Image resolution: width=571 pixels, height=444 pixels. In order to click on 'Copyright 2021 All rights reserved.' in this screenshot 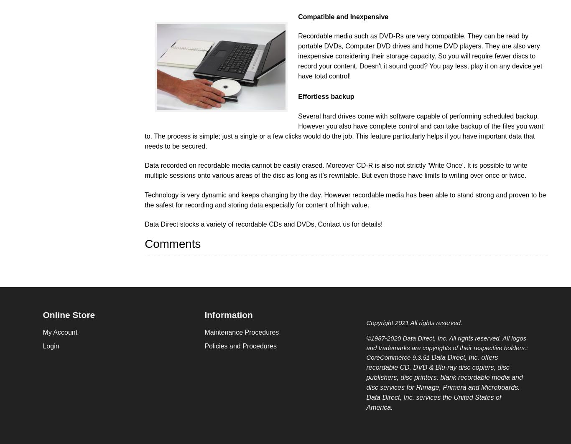, I will do `click(414, 322)`.